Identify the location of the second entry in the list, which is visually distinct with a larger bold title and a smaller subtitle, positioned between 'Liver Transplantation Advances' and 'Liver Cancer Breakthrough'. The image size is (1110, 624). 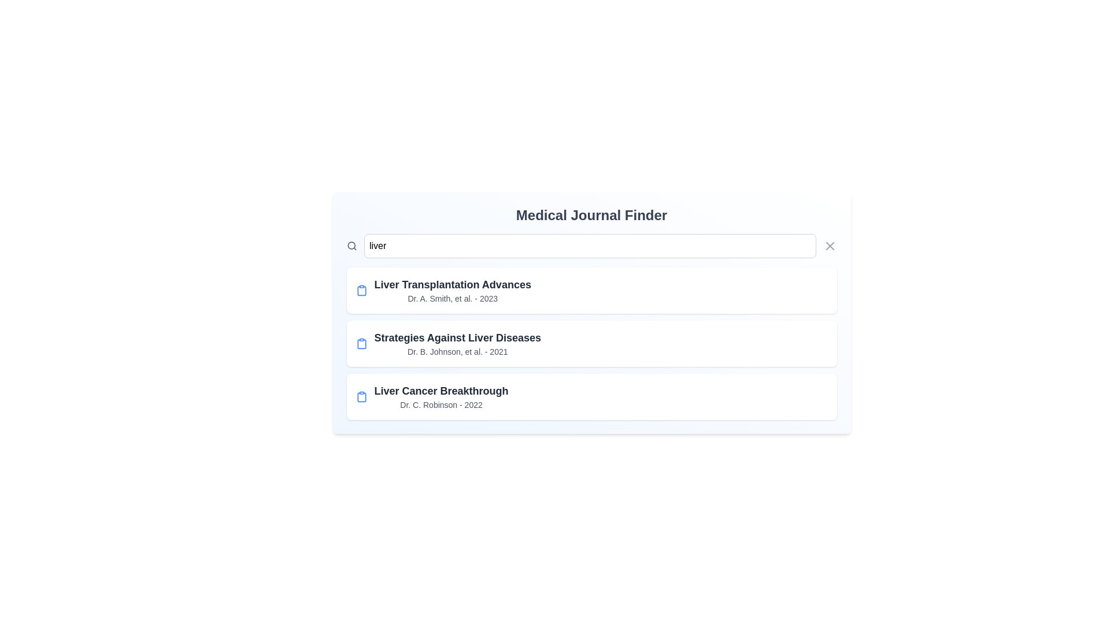
(591, 343).